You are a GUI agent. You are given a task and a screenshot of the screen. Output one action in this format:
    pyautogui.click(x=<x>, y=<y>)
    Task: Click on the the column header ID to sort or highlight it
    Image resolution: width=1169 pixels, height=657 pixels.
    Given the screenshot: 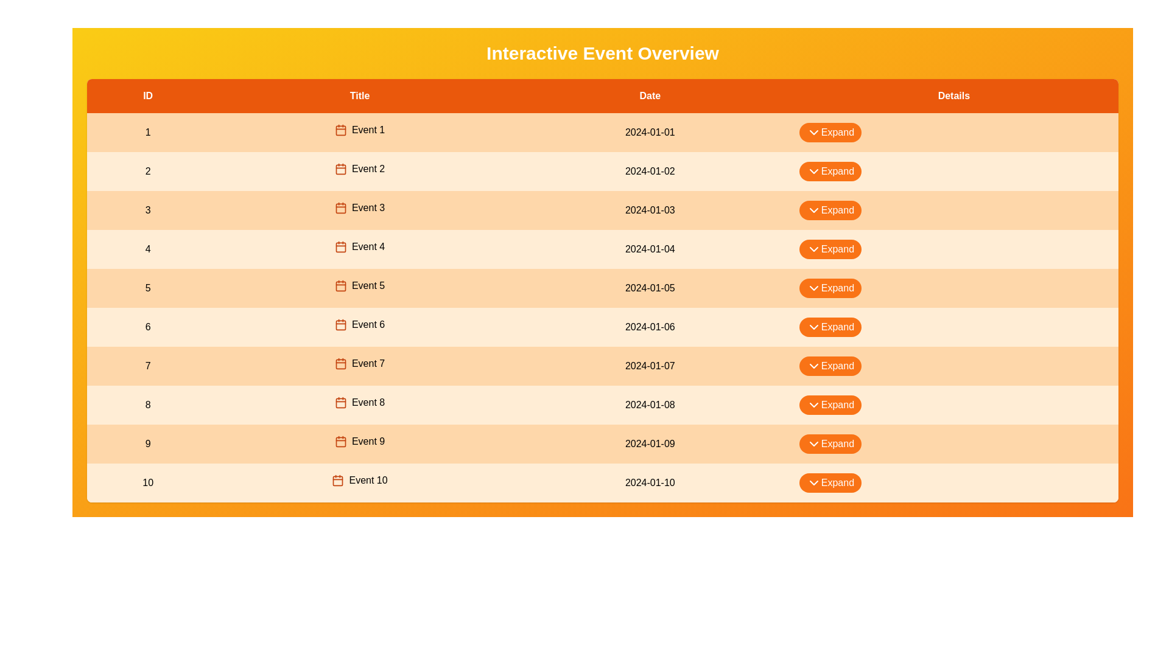 What is the action you would take?
    pyautogui.click(x=147, y=96)
    